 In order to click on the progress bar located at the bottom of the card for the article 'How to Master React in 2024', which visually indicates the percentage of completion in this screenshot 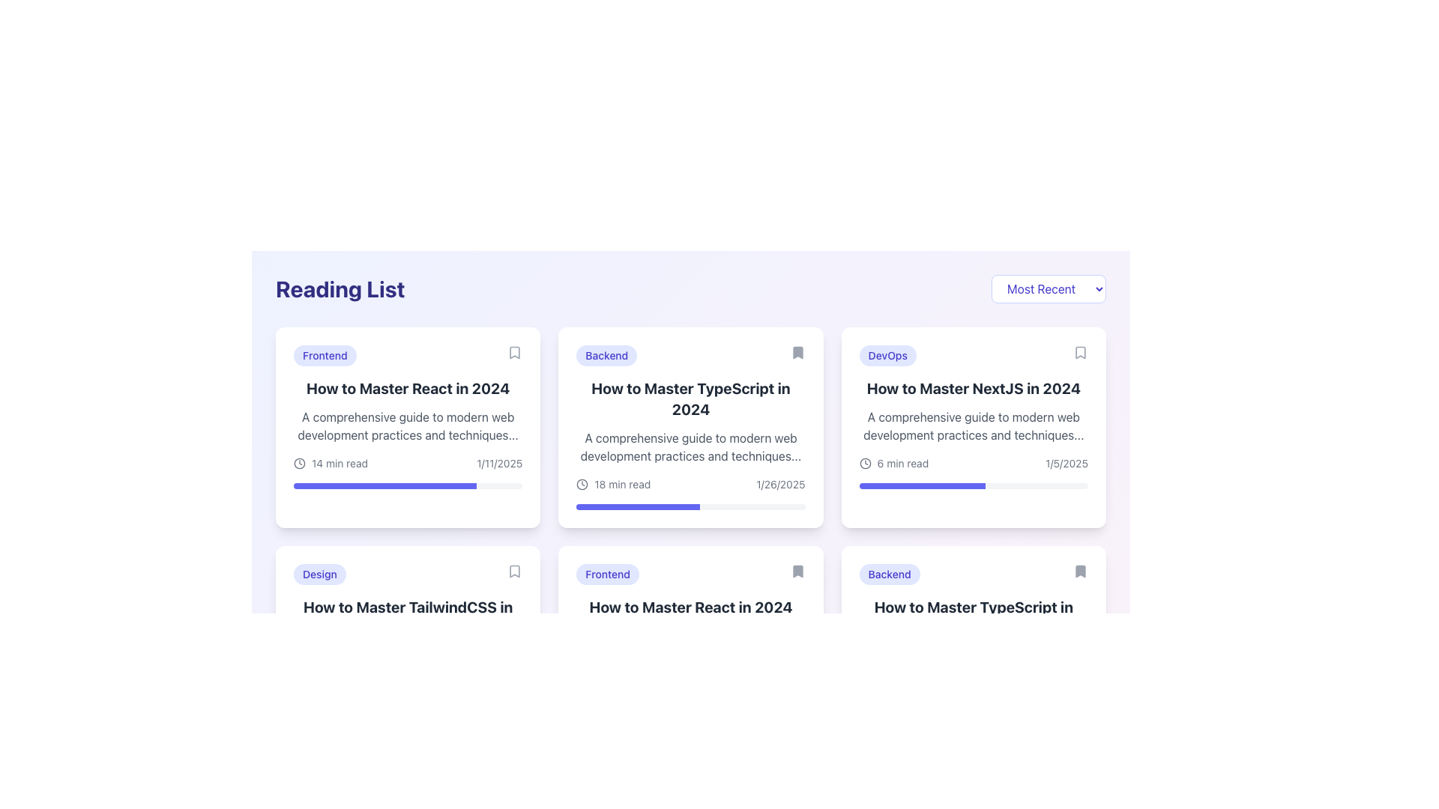, I will do `click(690, 705)`.